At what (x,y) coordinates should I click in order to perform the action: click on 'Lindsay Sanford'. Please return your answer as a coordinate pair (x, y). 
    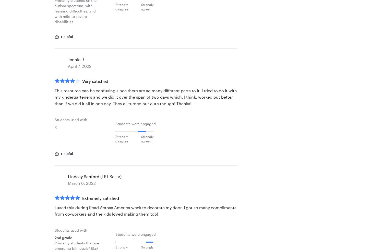
    Looking at the image, I should click on (83, 176).